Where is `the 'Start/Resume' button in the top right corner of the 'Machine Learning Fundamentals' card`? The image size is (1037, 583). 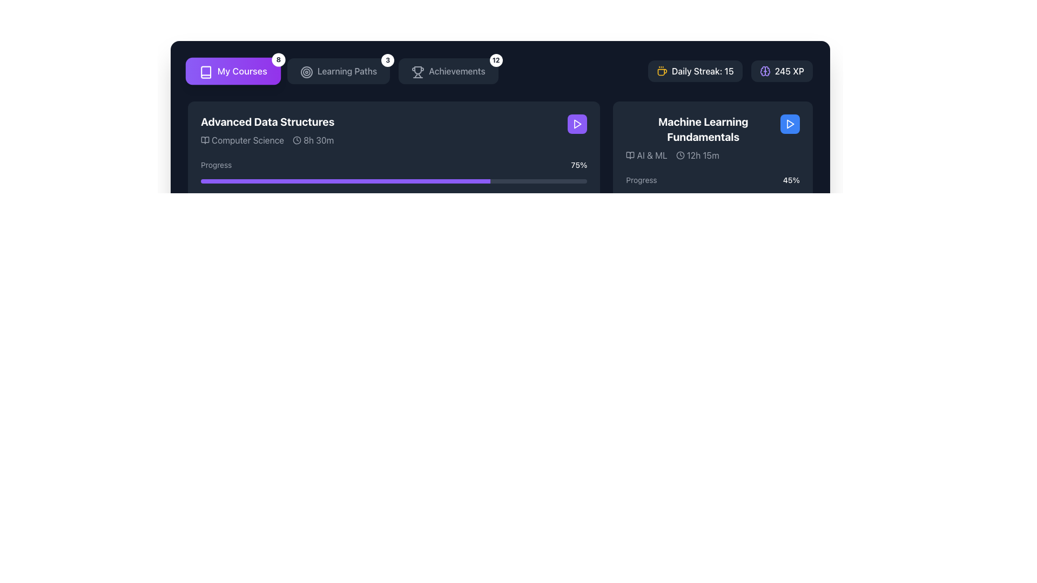
the 'Start/Resume' button in the top right corner of the 'Machine Learning Fundamentals' card is located at coordinates (790, 124).